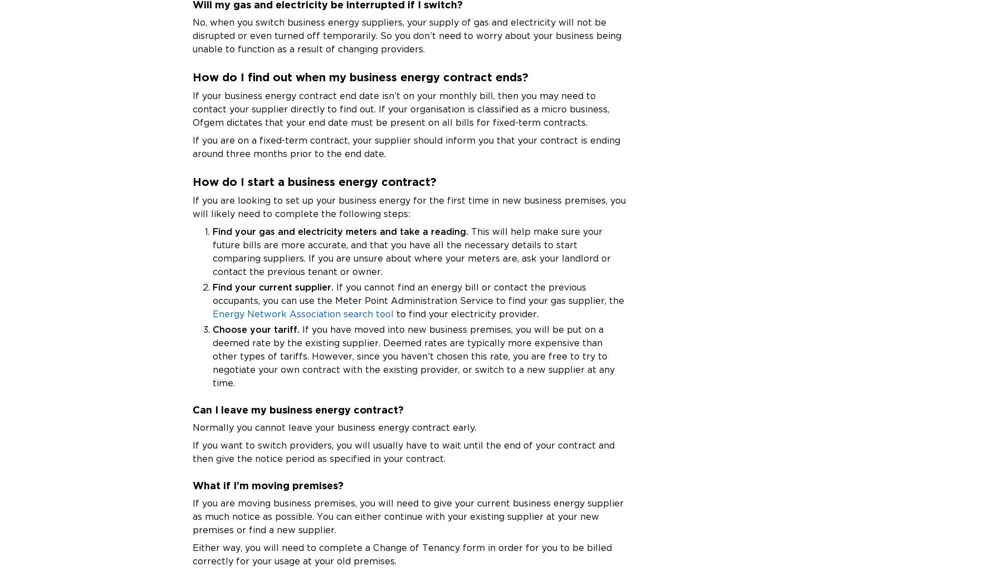 The image size is (990, 571). I want to click on 'Either way, you will need to complete a Change of Tenancy form in order for you to be billed correctly for your usage at your old premises.', so click(192, 553).